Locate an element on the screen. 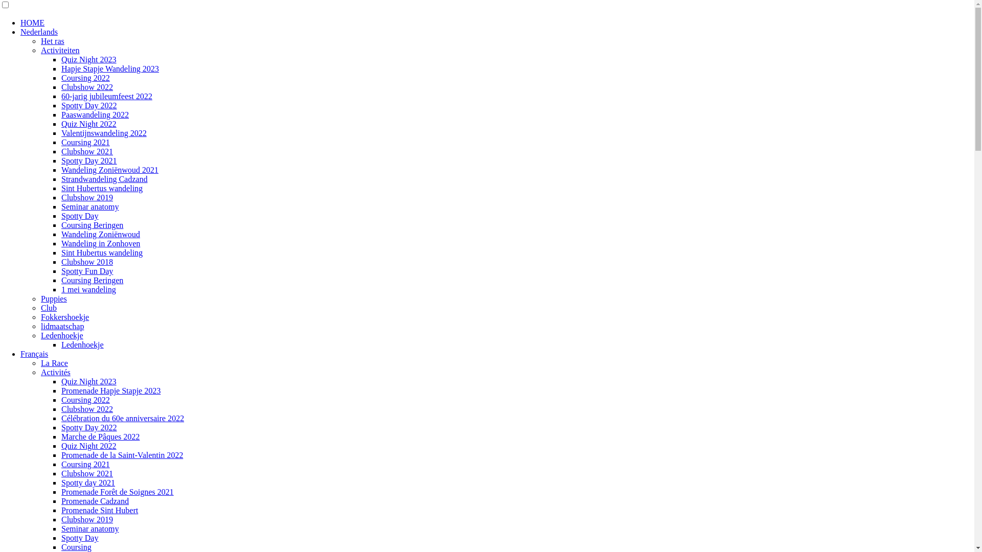 The image size is (982, 552). 'Coursing Beringen' is located at coordinates (92, 280).